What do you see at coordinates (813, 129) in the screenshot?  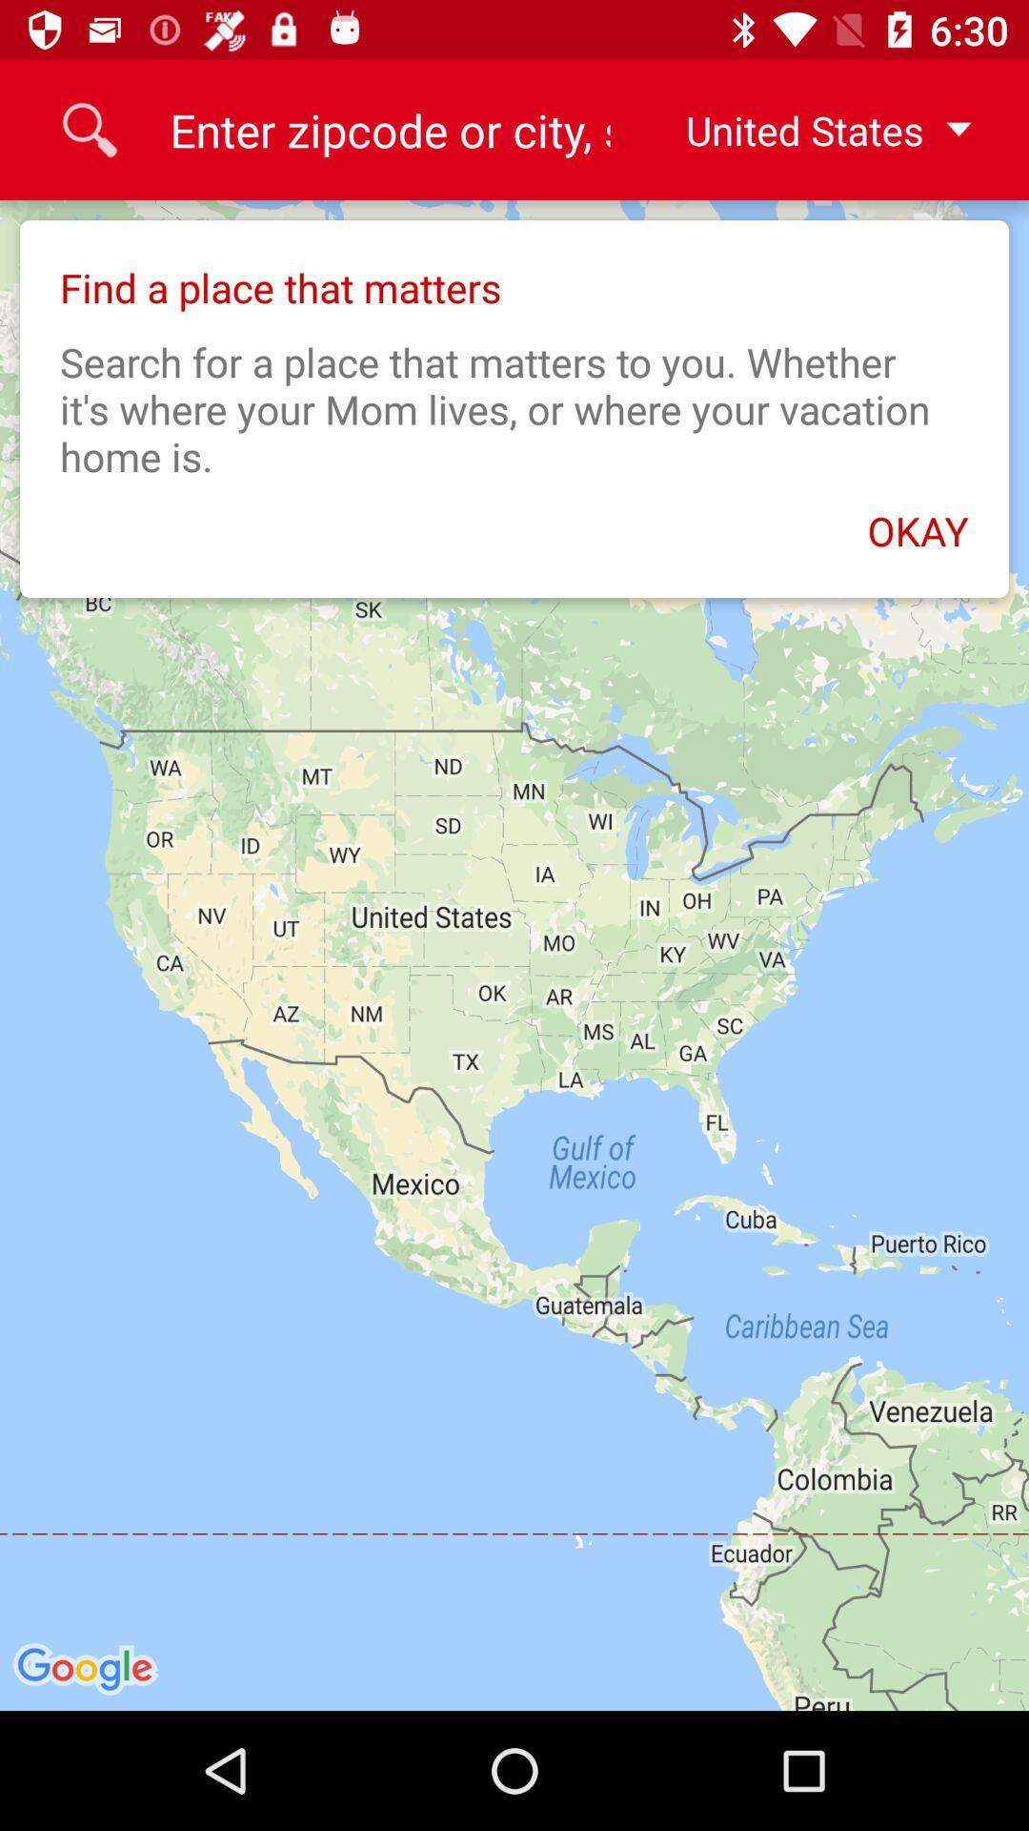 I see `the united states` at bounding box center [813, 129].